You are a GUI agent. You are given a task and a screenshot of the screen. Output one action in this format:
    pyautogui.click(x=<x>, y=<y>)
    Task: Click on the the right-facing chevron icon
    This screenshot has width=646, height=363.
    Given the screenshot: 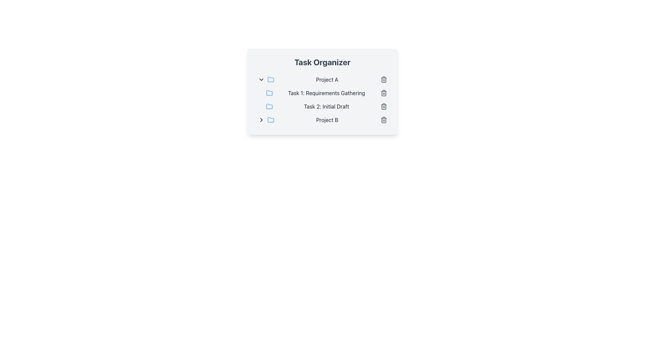 What is the action you would take?
    pyautogui.click(x=261, y=120)
    